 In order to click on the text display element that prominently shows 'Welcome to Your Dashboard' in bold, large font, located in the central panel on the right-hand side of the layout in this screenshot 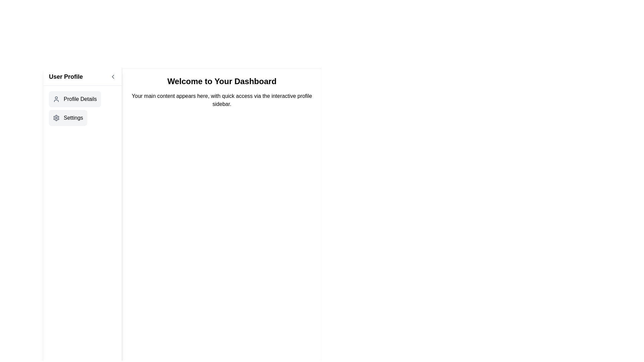, I will do `click(222, 81)`.